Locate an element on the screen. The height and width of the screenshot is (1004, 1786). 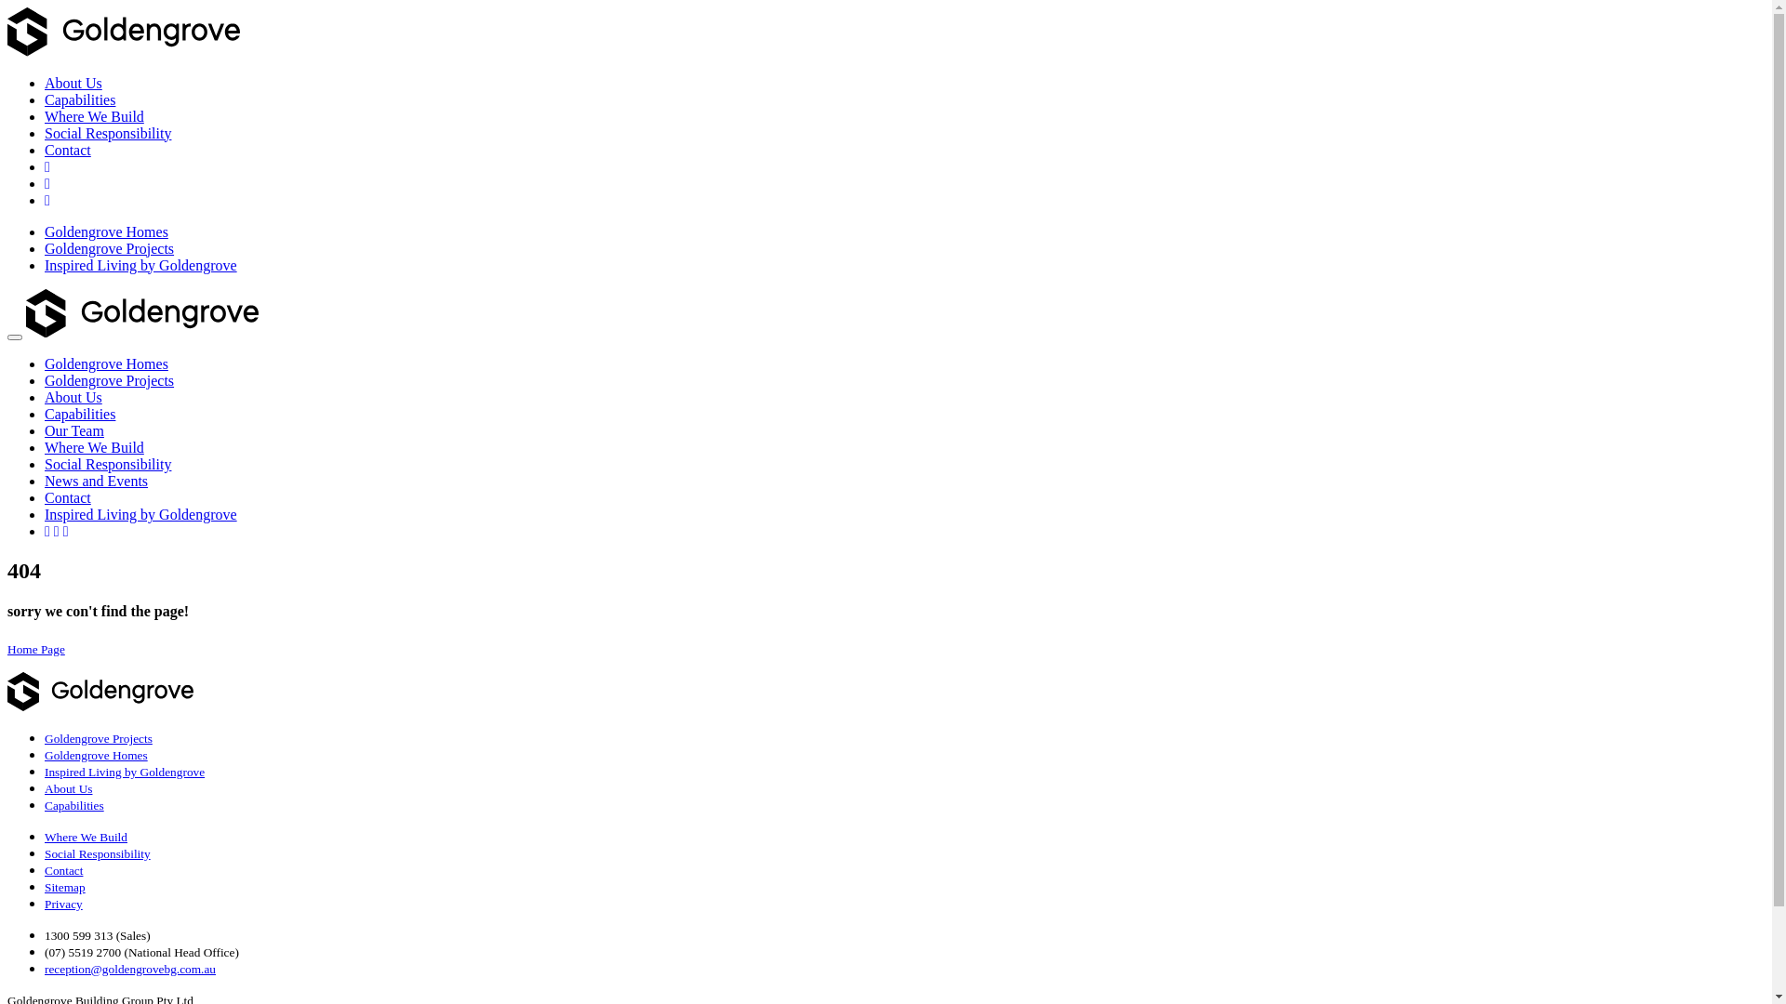
'Sitemap' is located at coordinates (65, 885).